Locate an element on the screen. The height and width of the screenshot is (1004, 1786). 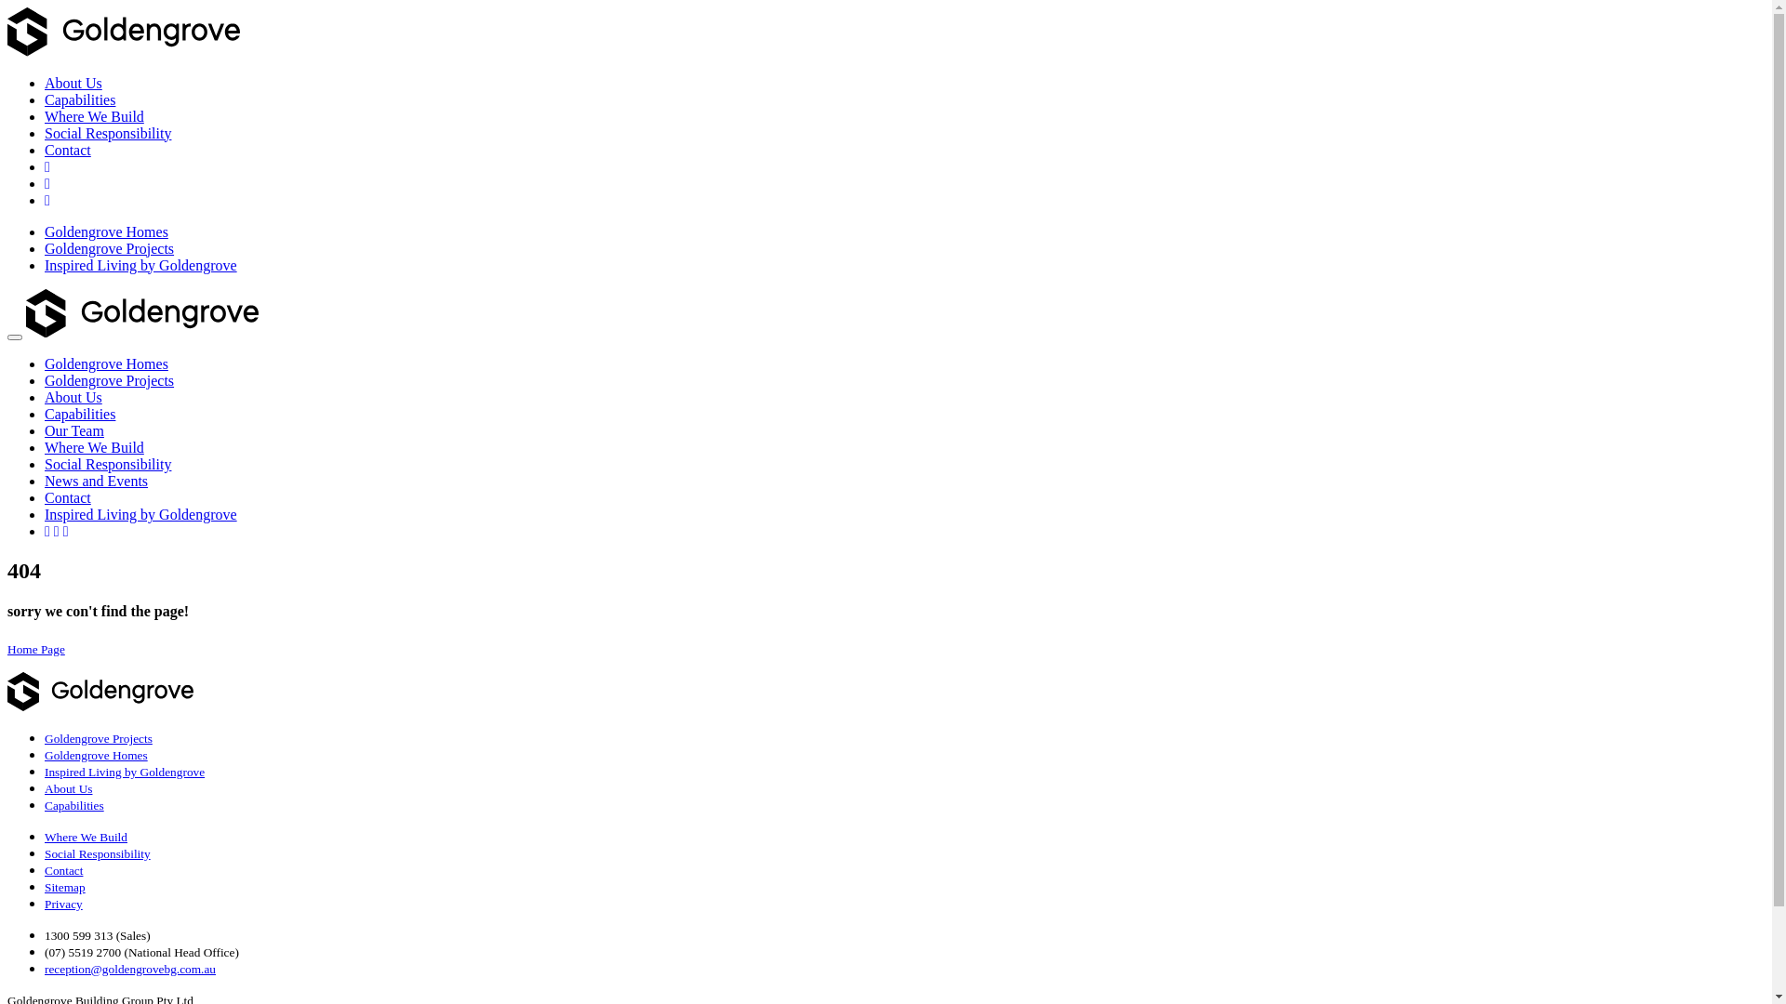
'Sitemap' is located at coordinates (65, 885).